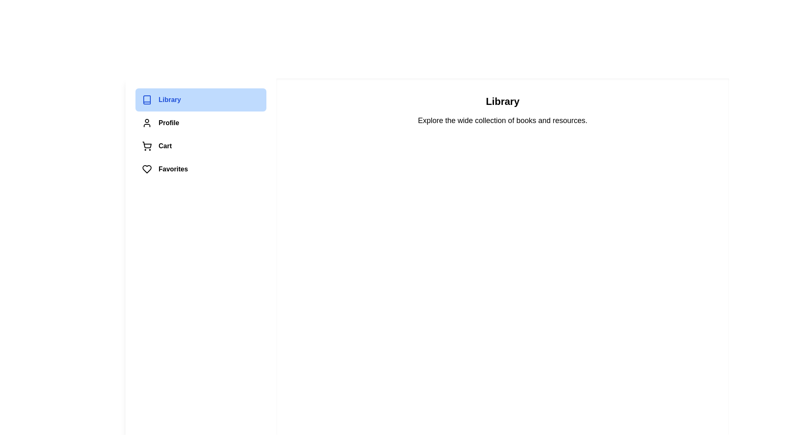 This screenshot has width=793, height=446. I want to click on the menu tab Cart to view its content, so click(200, 146).